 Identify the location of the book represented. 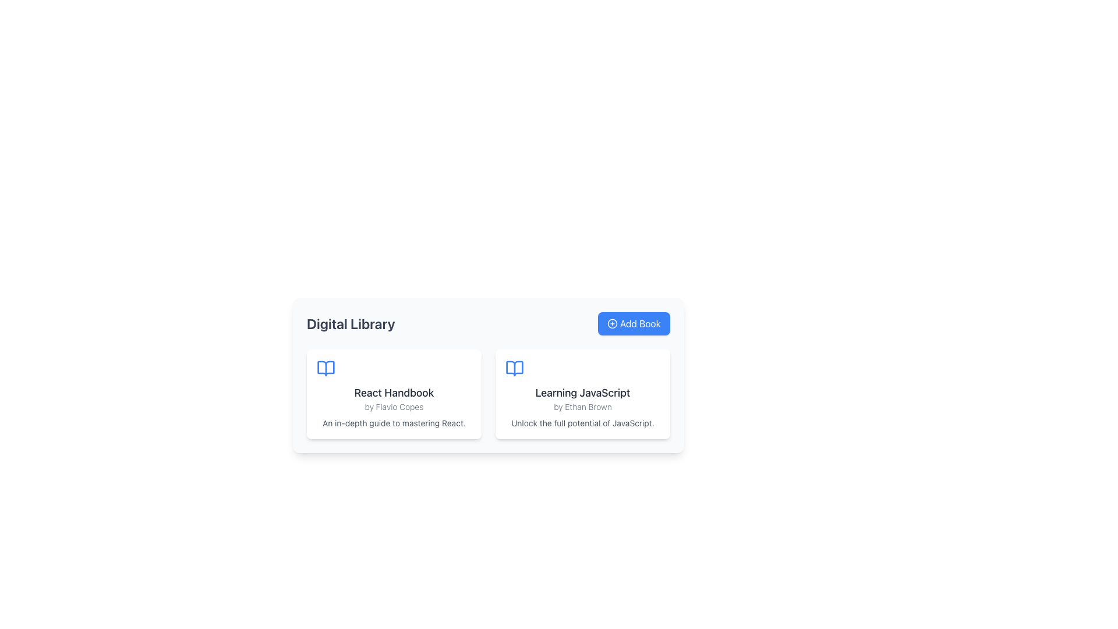
(514, 368).